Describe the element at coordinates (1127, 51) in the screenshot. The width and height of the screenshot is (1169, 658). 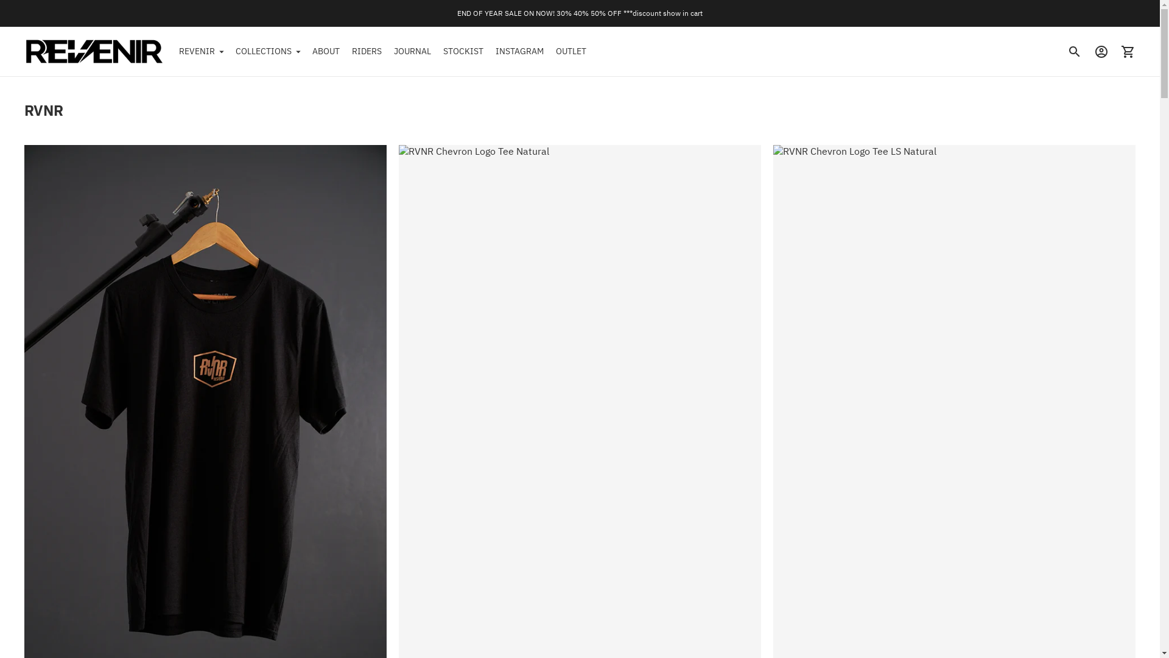
I see `'Cart'` at that location.